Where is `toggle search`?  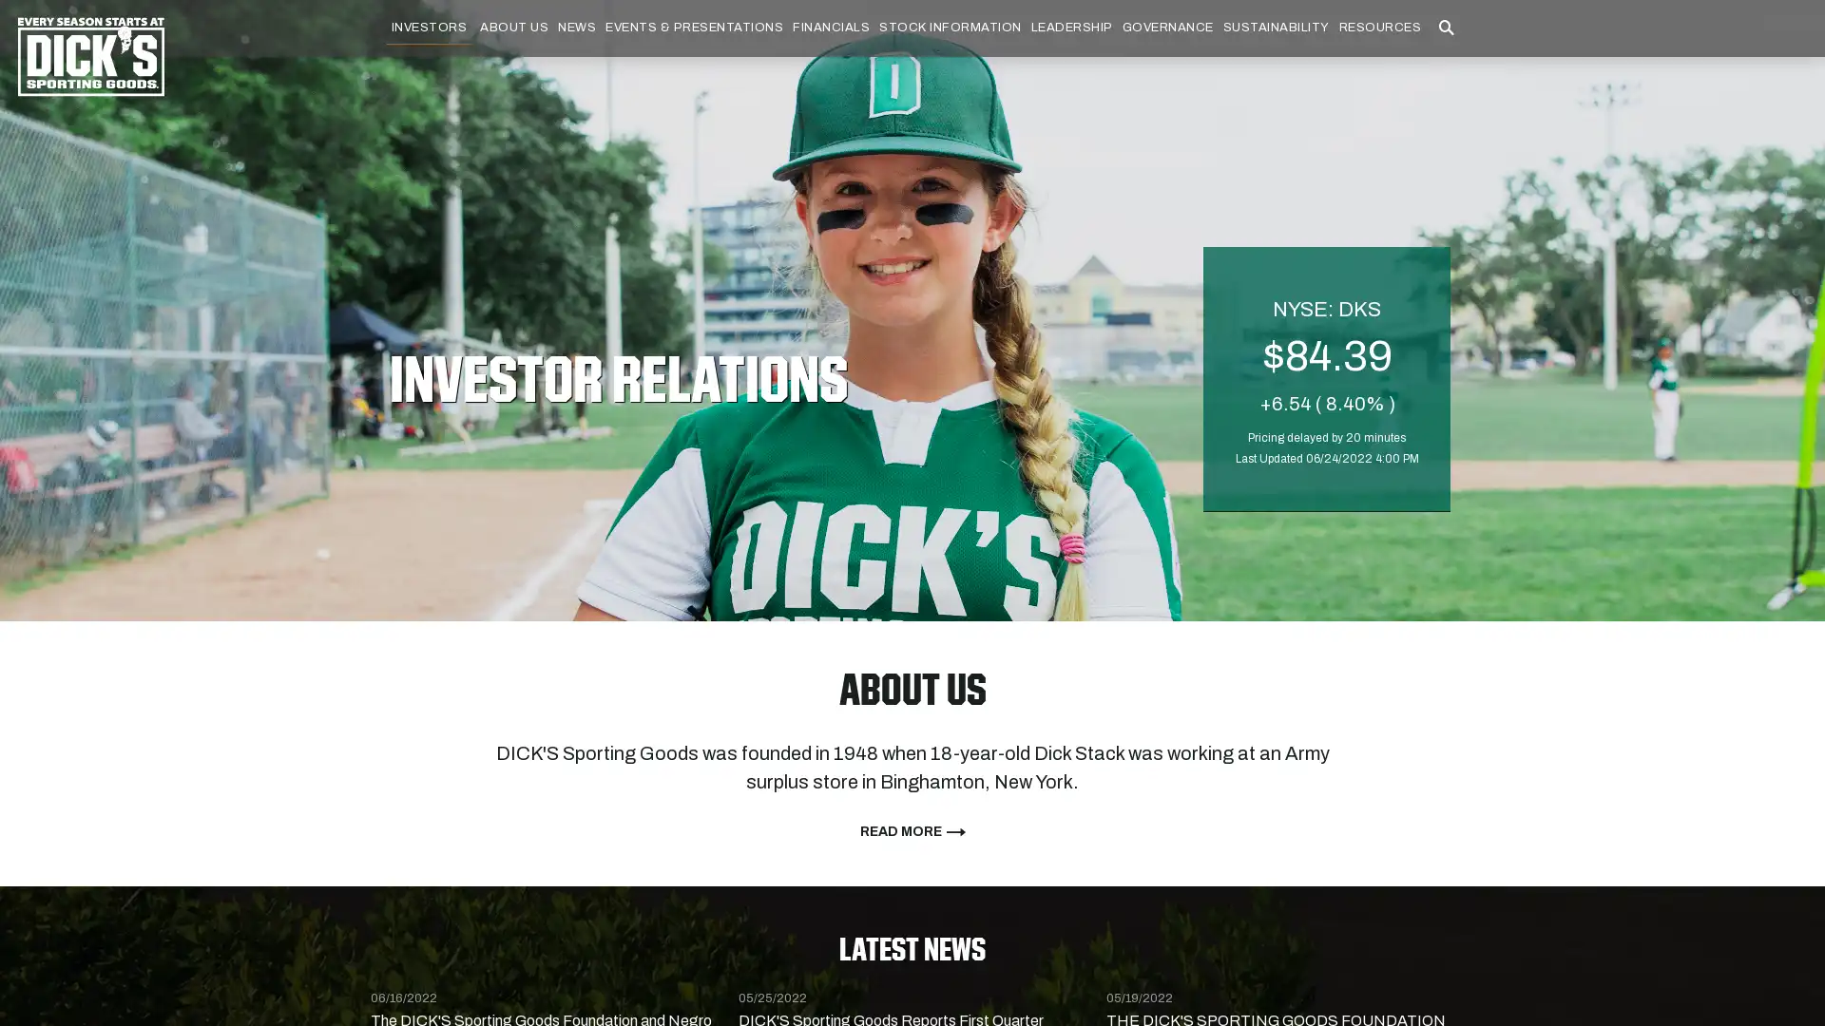
toggle search is located at coordinates (1445, 53).